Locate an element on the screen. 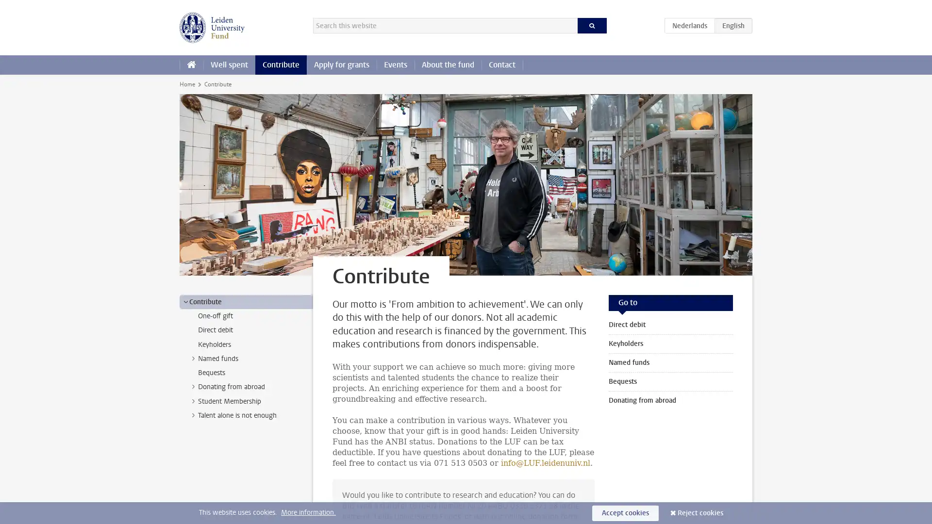 This screenshot has width=932, height=524. Reject cookies is located at coordinates (700, 512).